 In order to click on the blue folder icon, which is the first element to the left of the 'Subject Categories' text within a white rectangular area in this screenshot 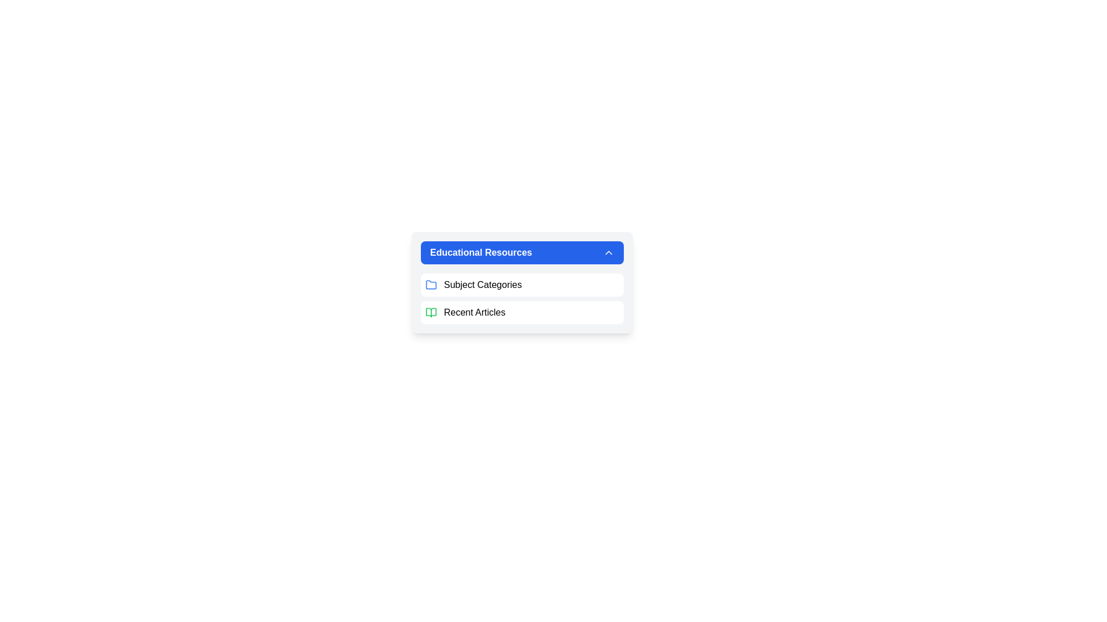, I will do `click(431, 285)`.